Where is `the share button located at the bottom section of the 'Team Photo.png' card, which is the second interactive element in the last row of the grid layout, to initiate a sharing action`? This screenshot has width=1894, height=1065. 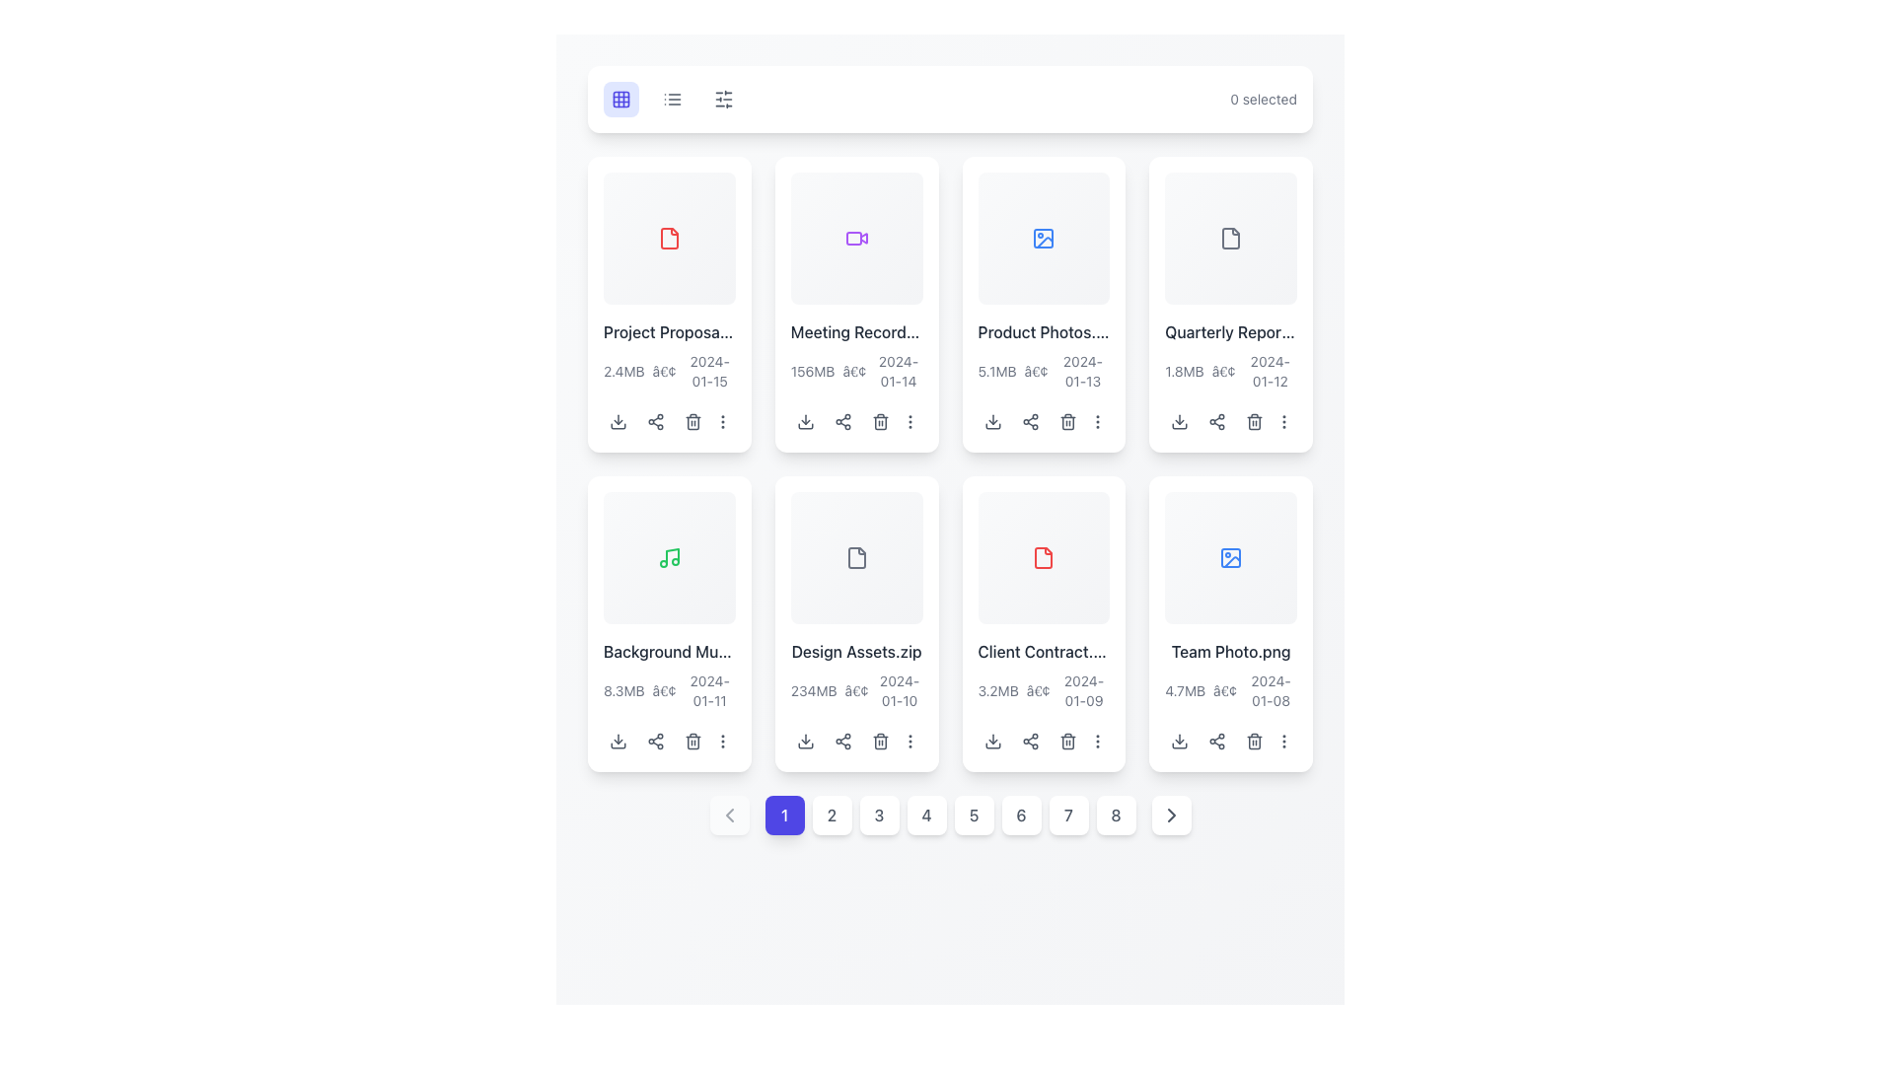
the share button located at the bottom section of the 'Team Photo.png' card, which is the second interactive element in the last row of the grid layout, to initiate a sharing action is located at coordinates (1216, 741).